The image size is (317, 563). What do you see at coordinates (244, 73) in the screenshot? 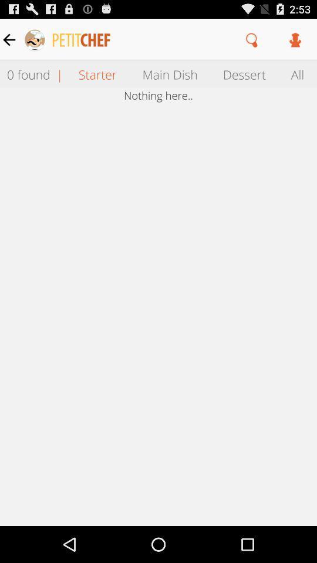
I see `the item to the right of the main dish icon` at bounding box center [244, 73].